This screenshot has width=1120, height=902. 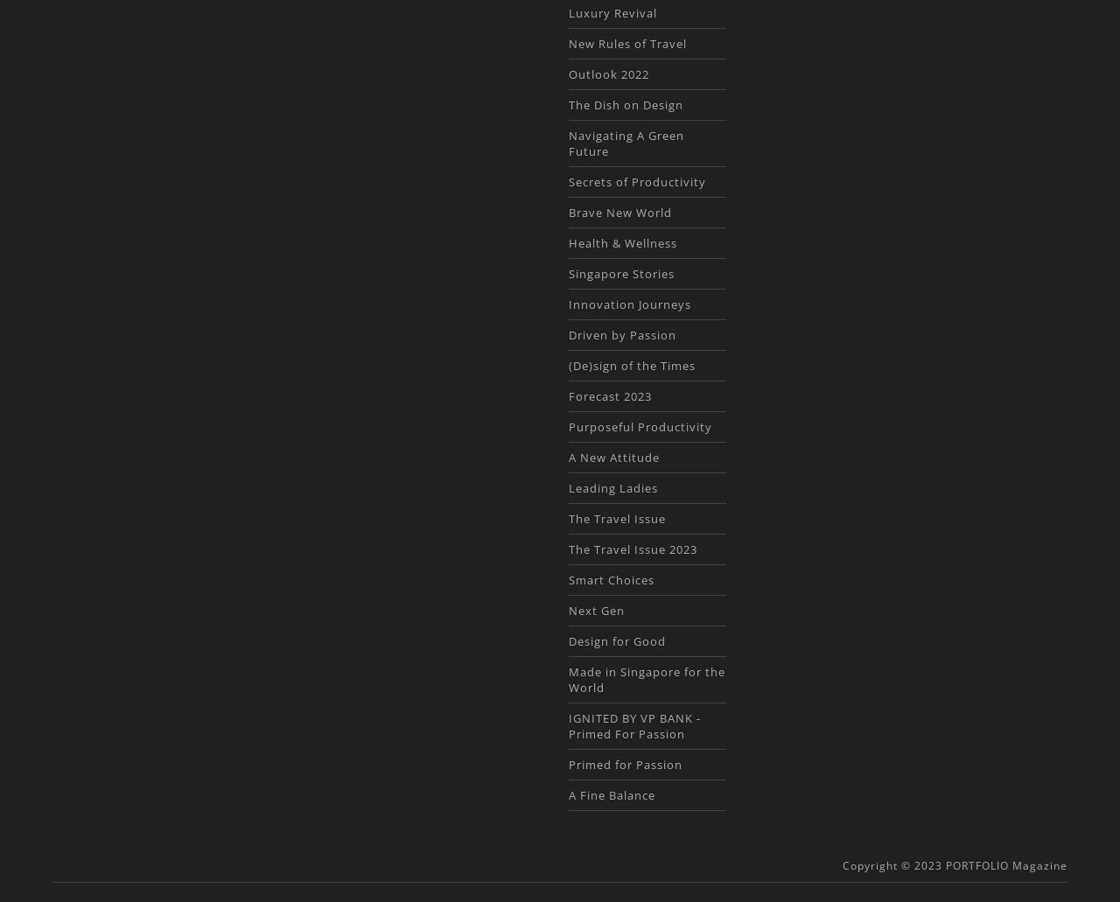 What do you see at coordinates (613, 457) in the screenshot?
I see `'A New Attitude'` at bounding box center [613, 457].